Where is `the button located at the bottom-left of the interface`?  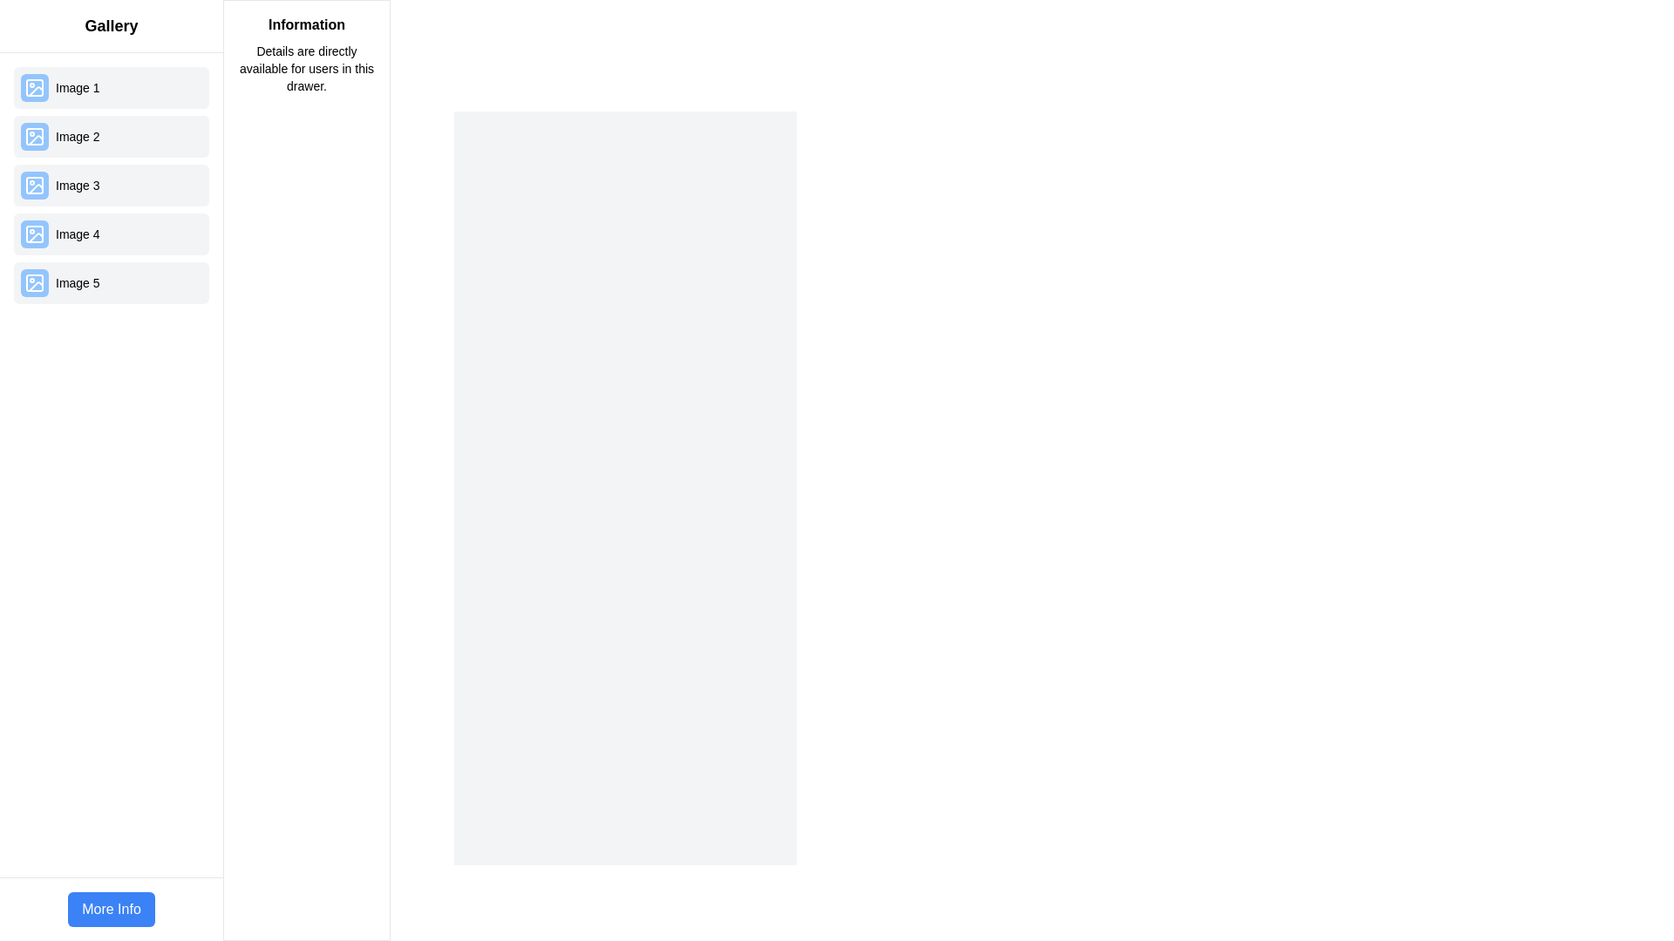
the button located at the bottom-left of the interface is located at coordinates (111, 909).